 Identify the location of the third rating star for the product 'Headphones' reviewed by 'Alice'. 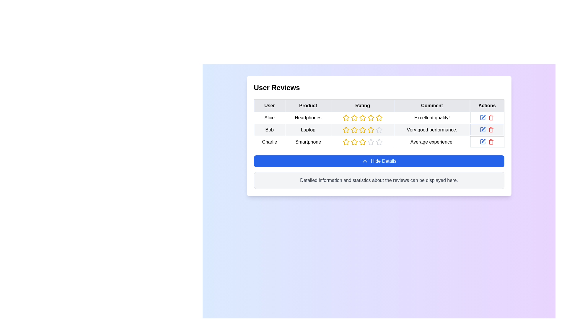
(354, 118).